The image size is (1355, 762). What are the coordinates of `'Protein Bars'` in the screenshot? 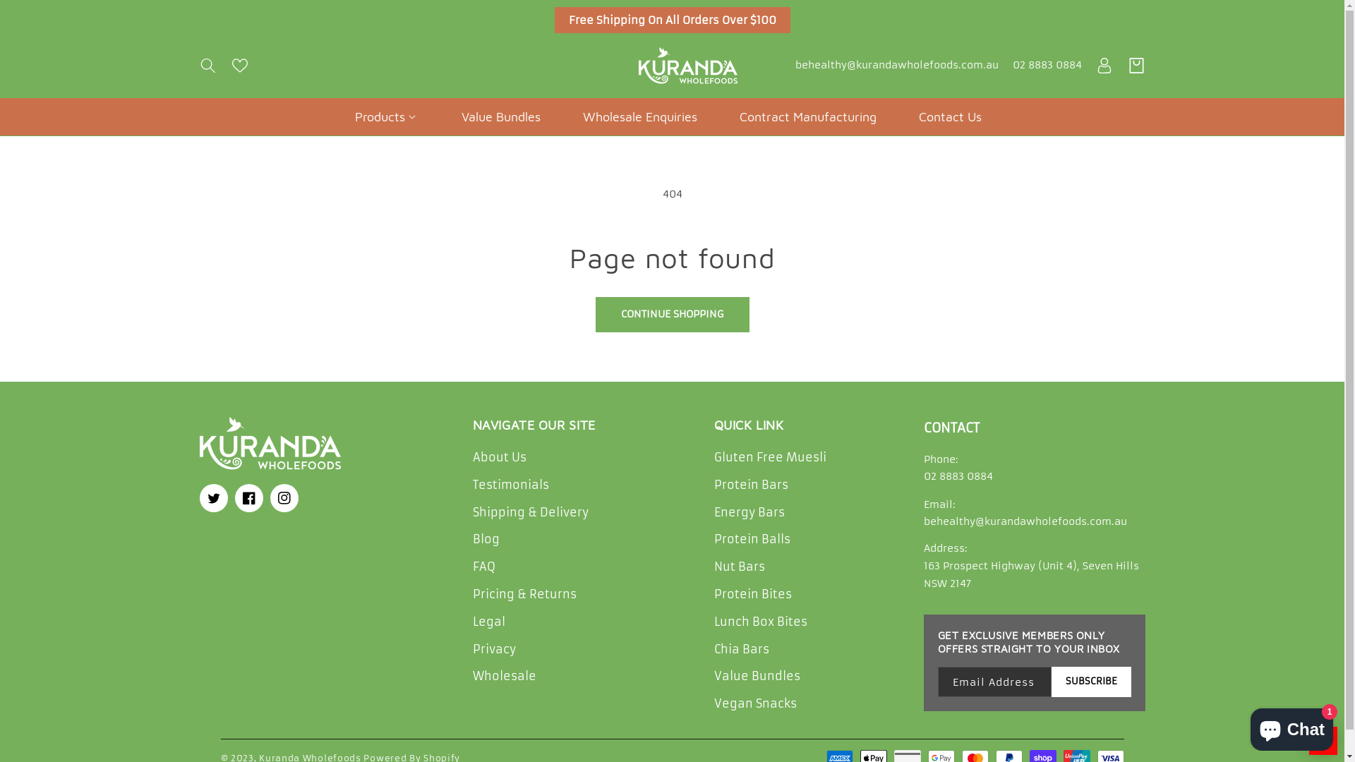 It's located at (750, 484).